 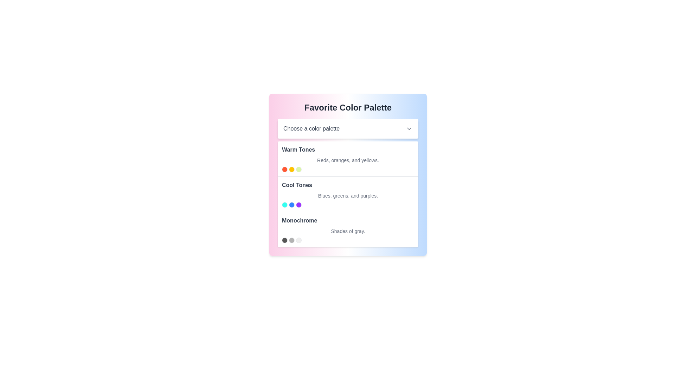 I want to click on the bold-texted label titled 'Cool Tones' styled in gray, positioned prominently in the 'Favorite Color Palette' interface, so click(x=297, y=185).